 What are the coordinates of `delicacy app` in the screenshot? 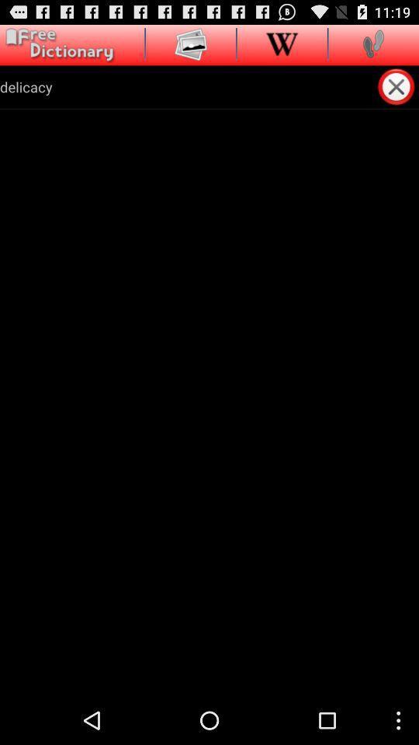 It's located at (188, 86).